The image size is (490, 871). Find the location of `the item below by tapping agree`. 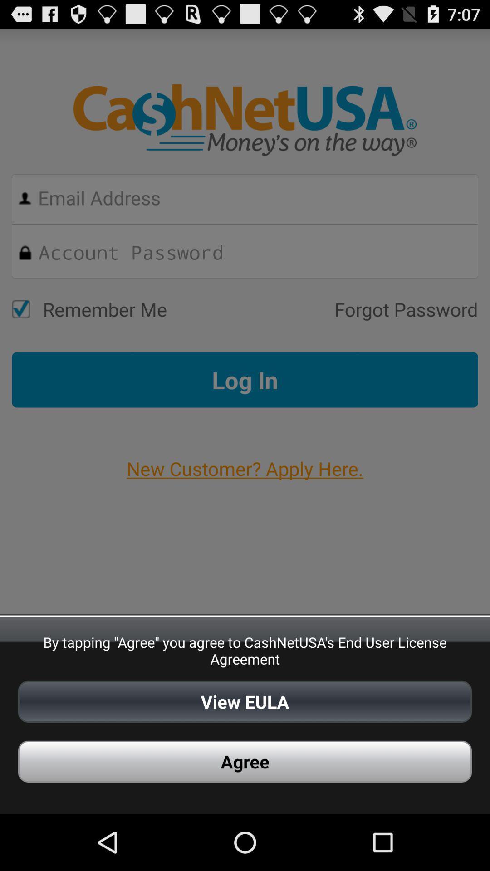

the item below by tapping agree is located at coordinates (245, 701).